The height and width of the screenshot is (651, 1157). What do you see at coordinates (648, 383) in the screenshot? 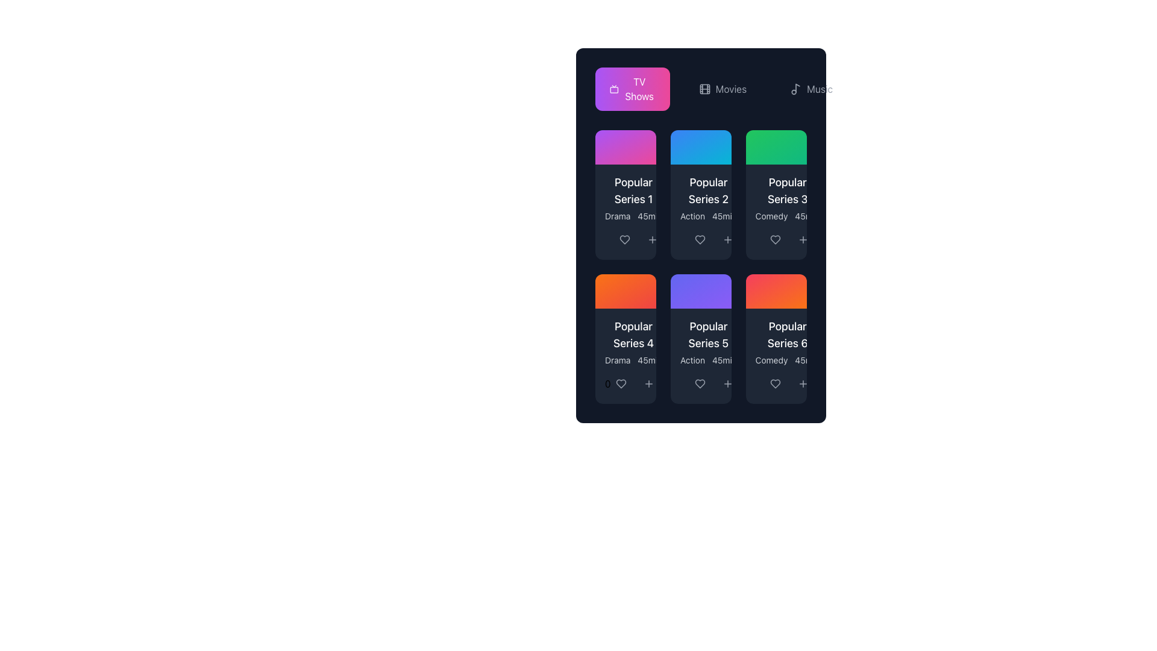
I see `the plus sign SVG icon located at the bottom-left of the last card in the grid layout` at bounding box center [648, 383].